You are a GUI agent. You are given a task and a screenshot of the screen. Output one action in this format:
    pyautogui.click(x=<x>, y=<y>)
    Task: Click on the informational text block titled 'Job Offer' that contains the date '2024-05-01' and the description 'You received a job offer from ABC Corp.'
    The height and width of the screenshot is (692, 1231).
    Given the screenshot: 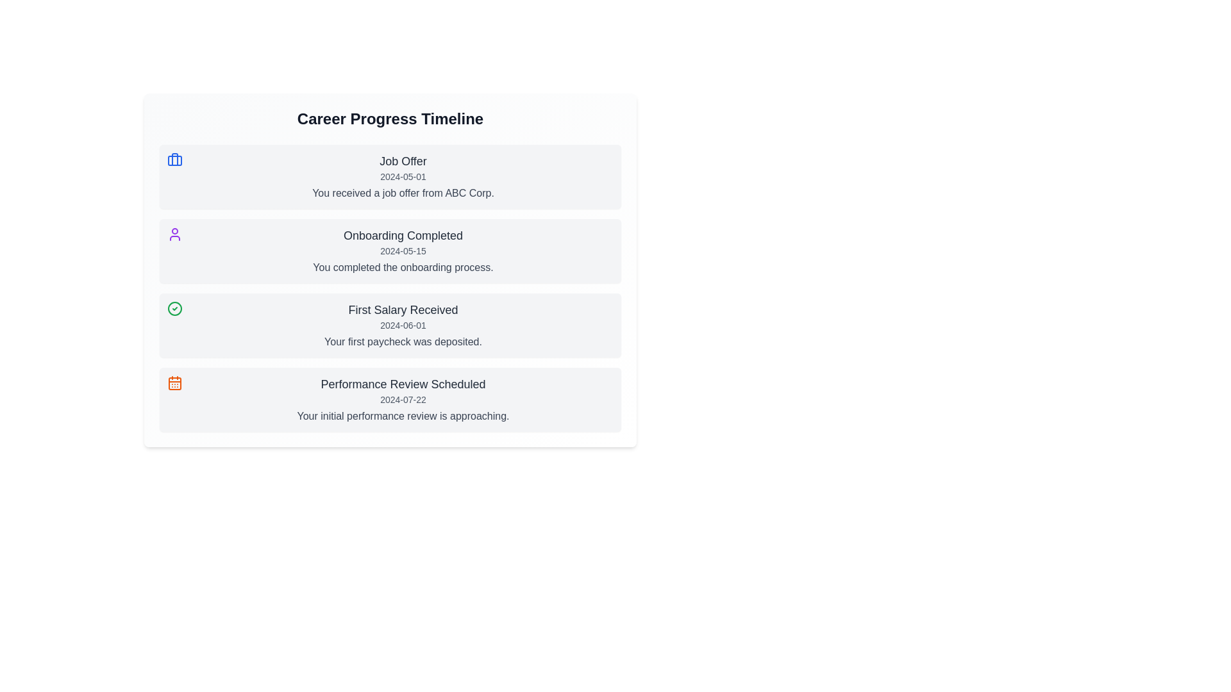 What is the action you would take?
    pyautogui.click(x=402, y=177)
    